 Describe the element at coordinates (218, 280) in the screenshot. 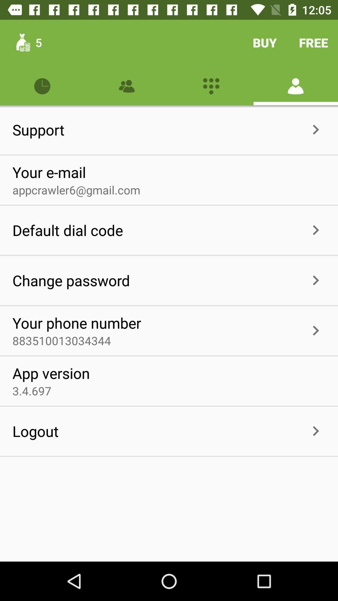

I see `the item to the right of the change password item` at that location.